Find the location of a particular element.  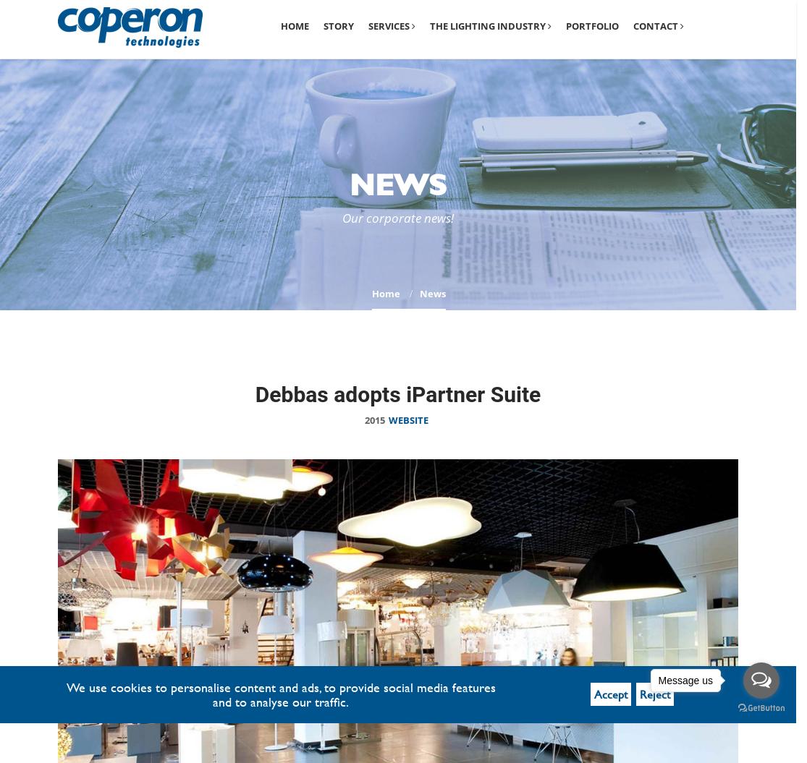

'Portfolio' is located at coordinates (591, 25).